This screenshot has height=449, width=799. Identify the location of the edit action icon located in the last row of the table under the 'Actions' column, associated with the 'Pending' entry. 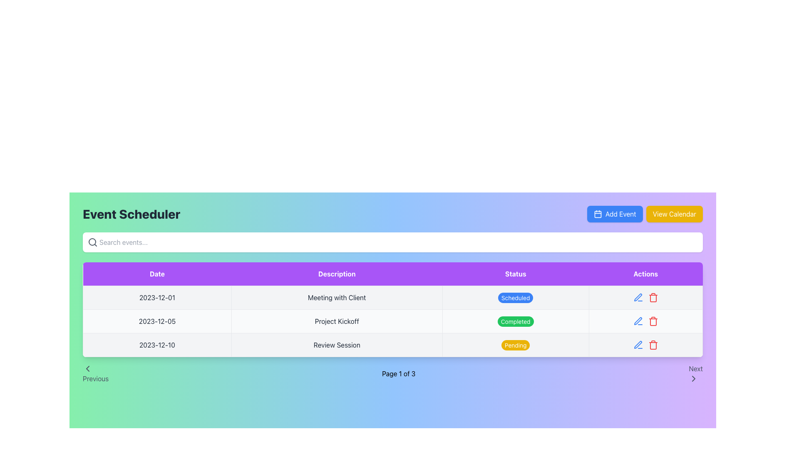
(638, 345).